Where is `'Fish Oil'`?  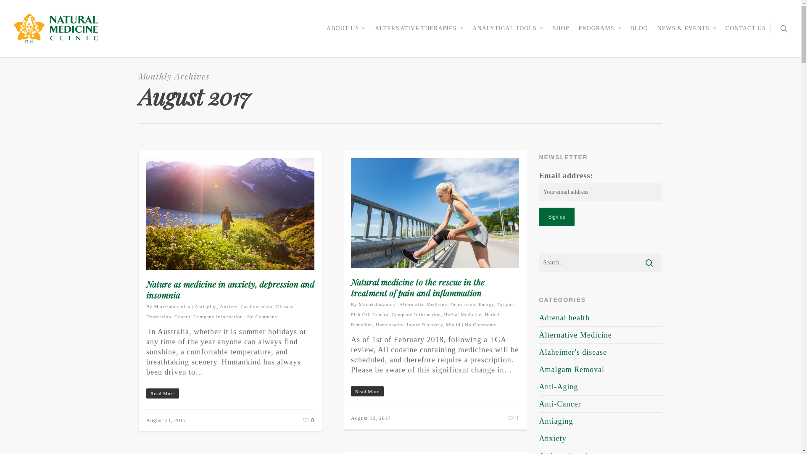 'Fish Oil' is located at coordinates (360, 314).